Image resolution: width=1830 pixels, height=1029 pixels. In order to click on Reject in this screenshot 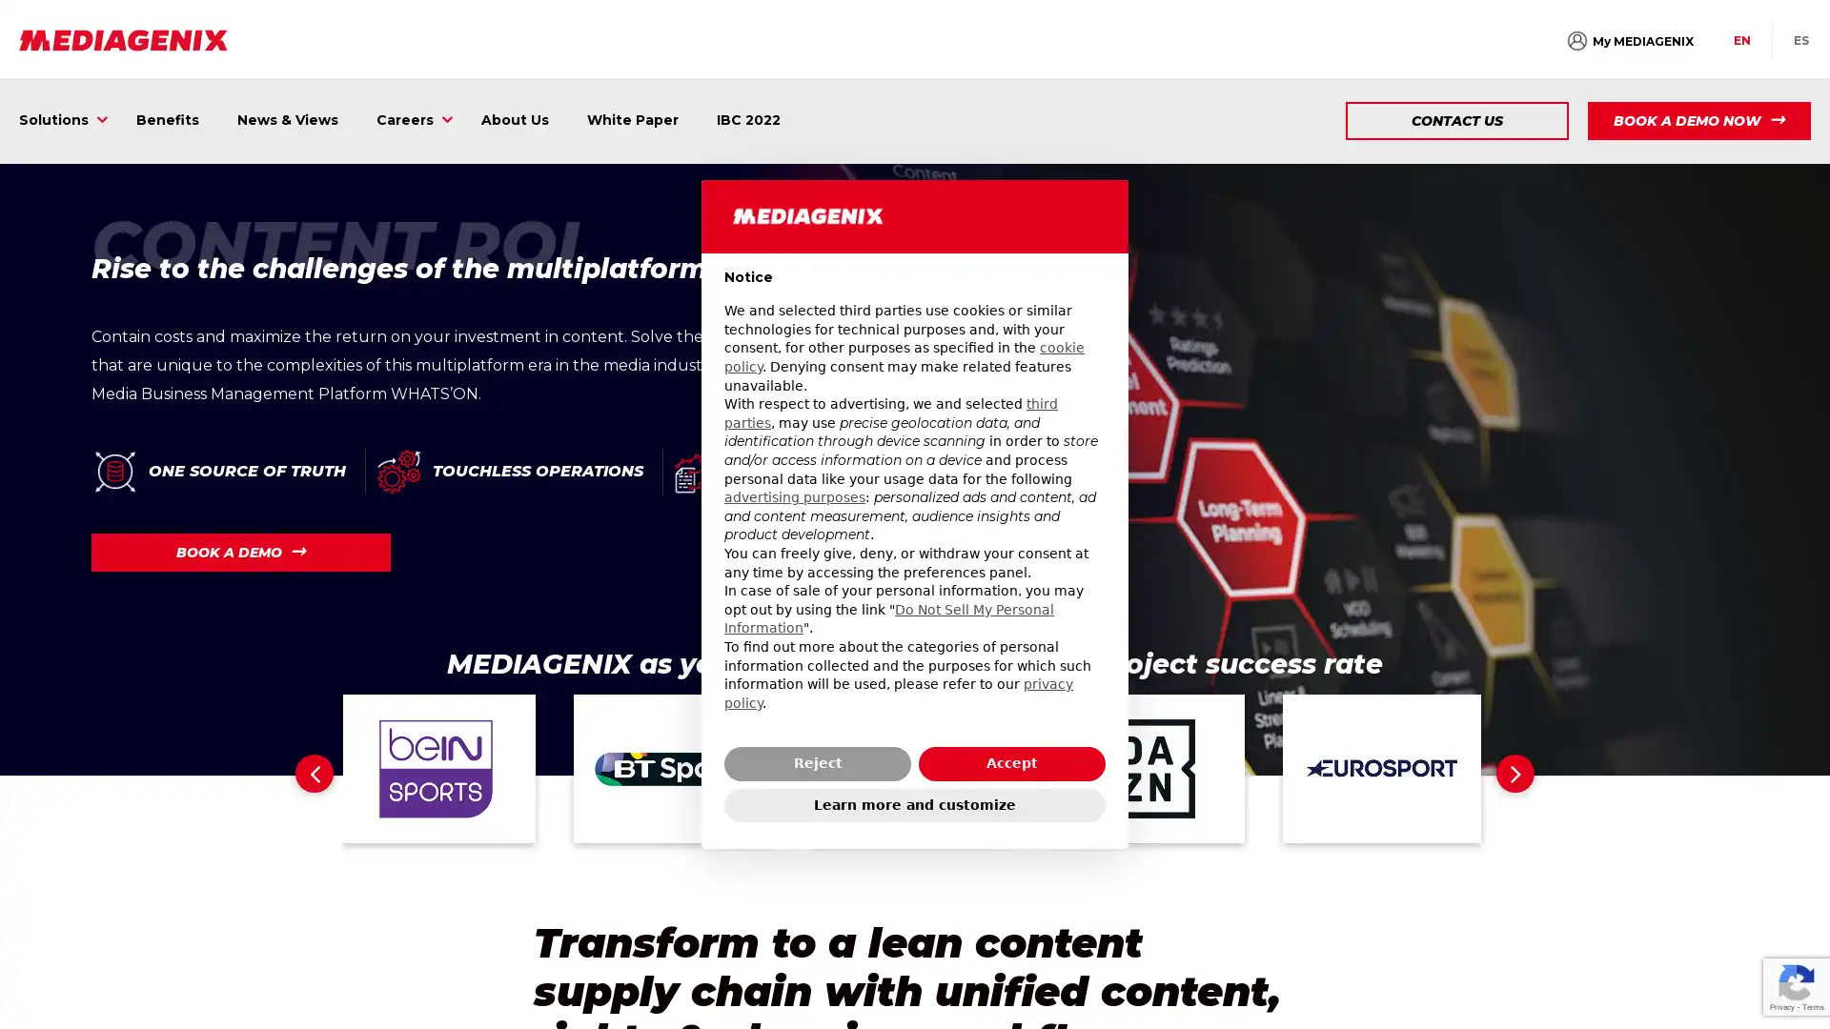, I will do `click(818, 762)`.